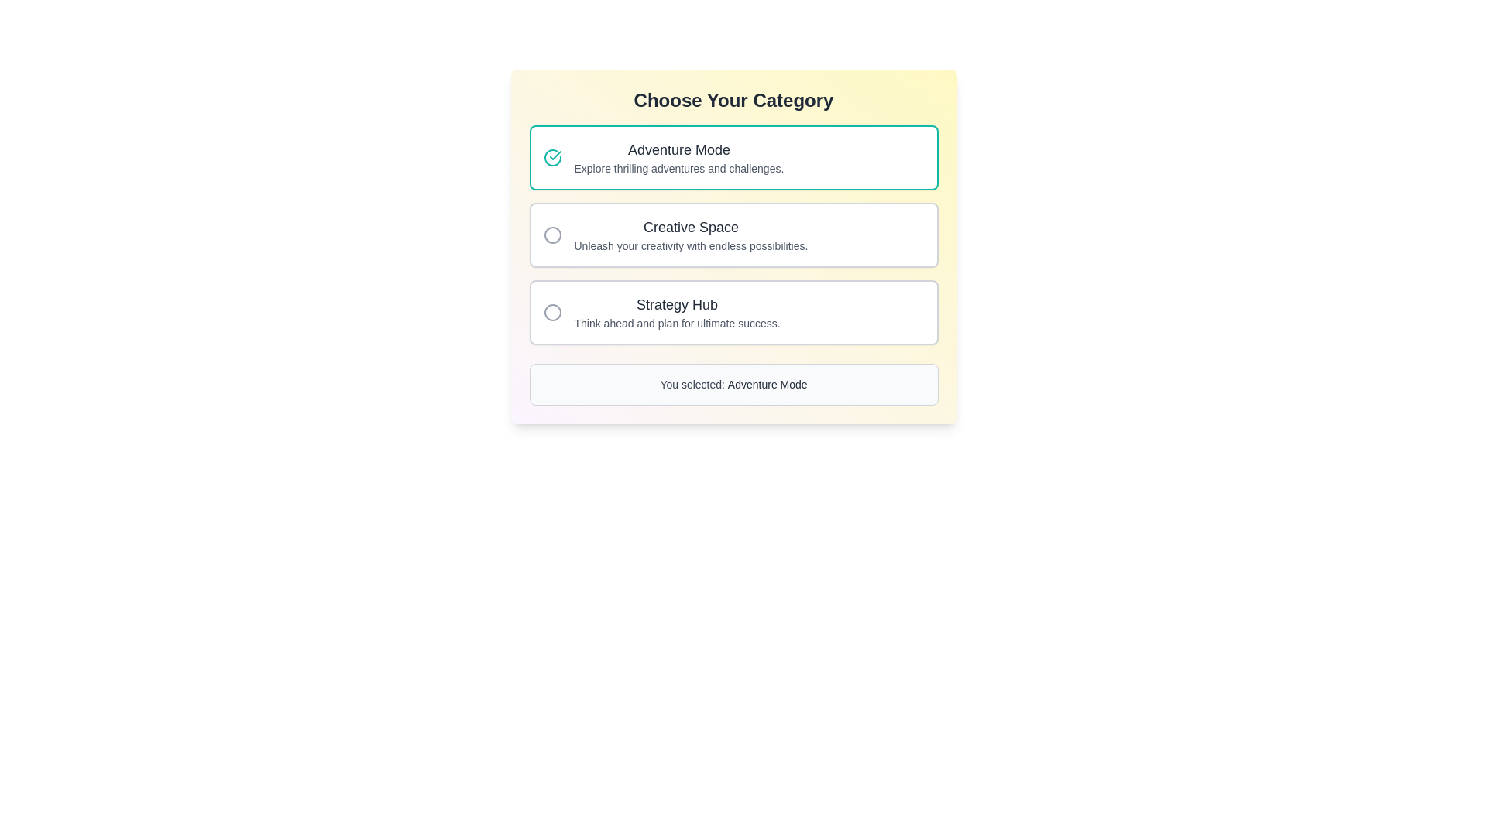  Describe the element at coordinates (733, 384) in the screenshot. I see `the informational text block displaying the message 'You selected: Adventure Mode', which is a gray box with rounded corners located below the category selection options` at that location.